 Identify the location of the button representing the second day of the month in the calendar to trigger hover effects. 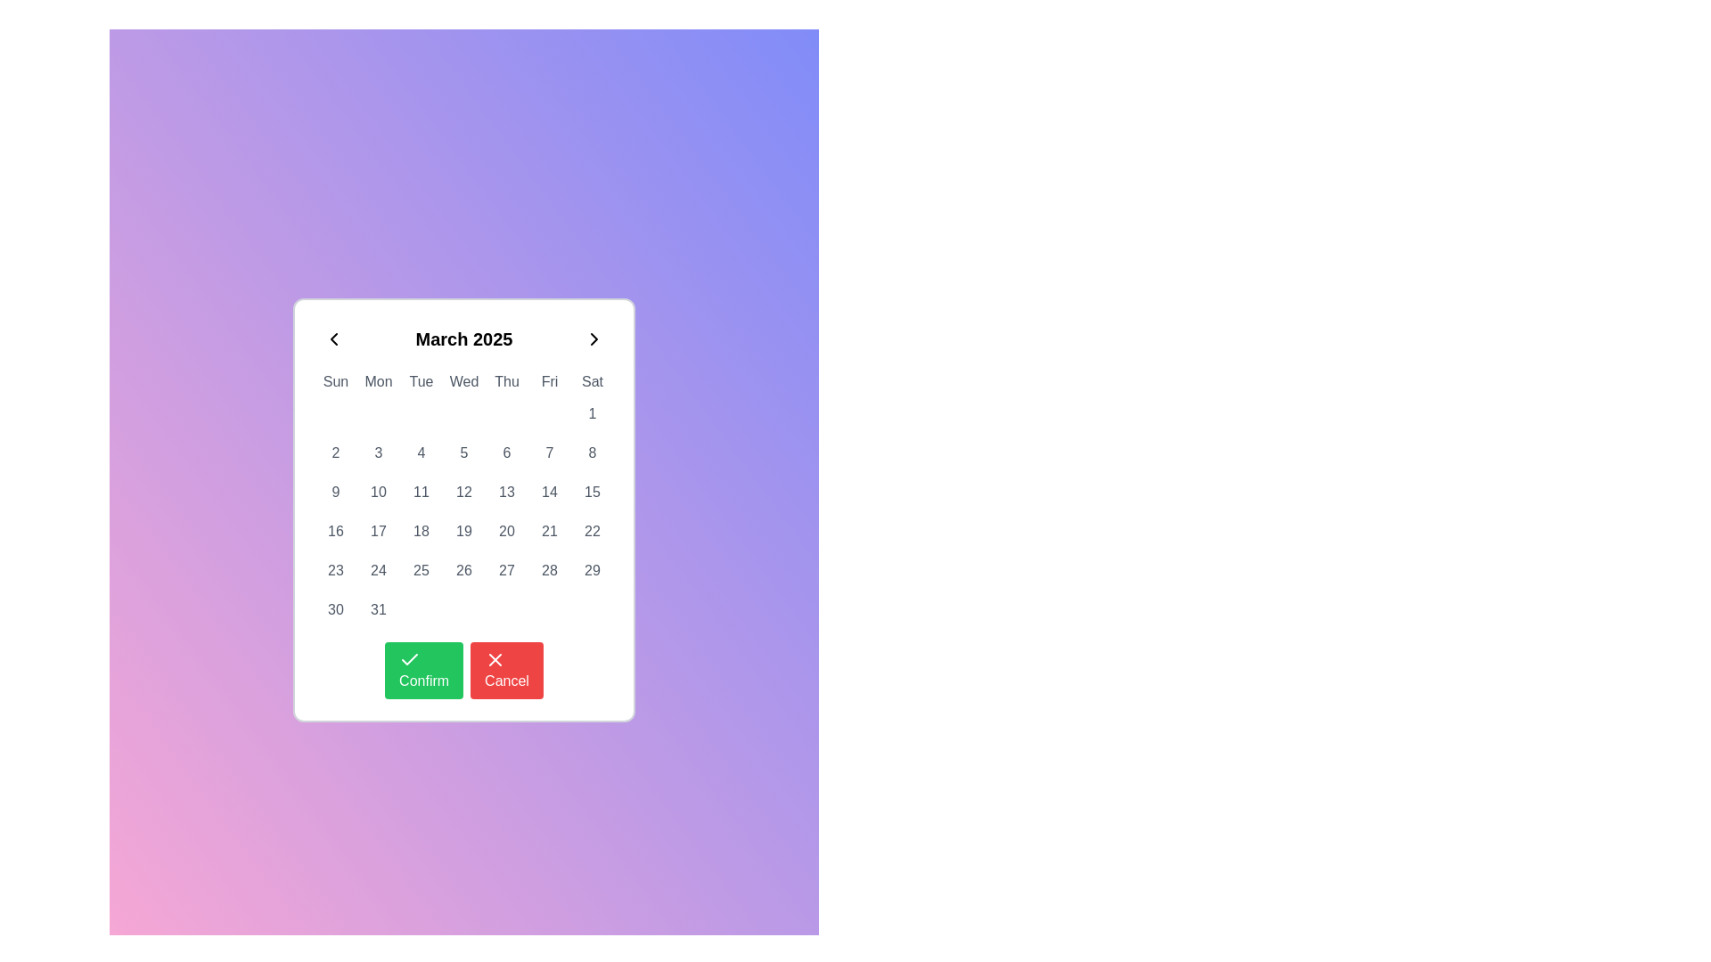
(336, 452).